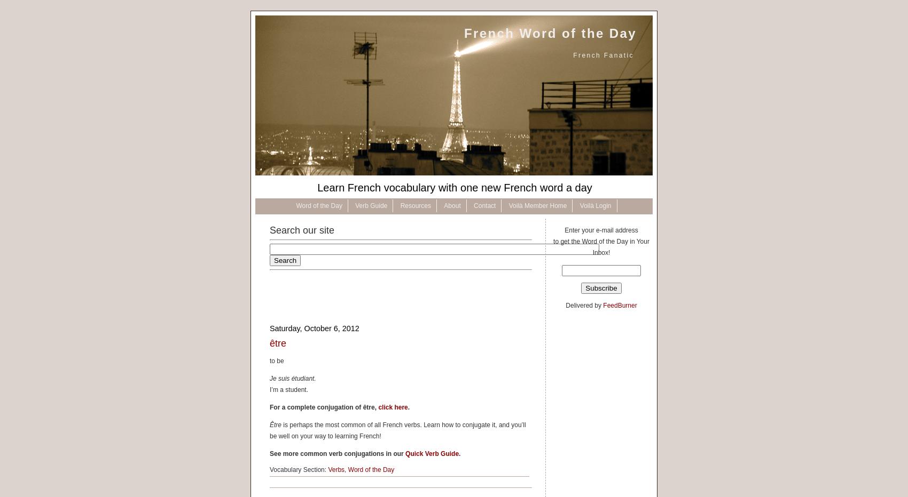  What do you see at coordinates (484, 205) in the screenshot?
I see `'Contact'` at bounding box center [484, 205].